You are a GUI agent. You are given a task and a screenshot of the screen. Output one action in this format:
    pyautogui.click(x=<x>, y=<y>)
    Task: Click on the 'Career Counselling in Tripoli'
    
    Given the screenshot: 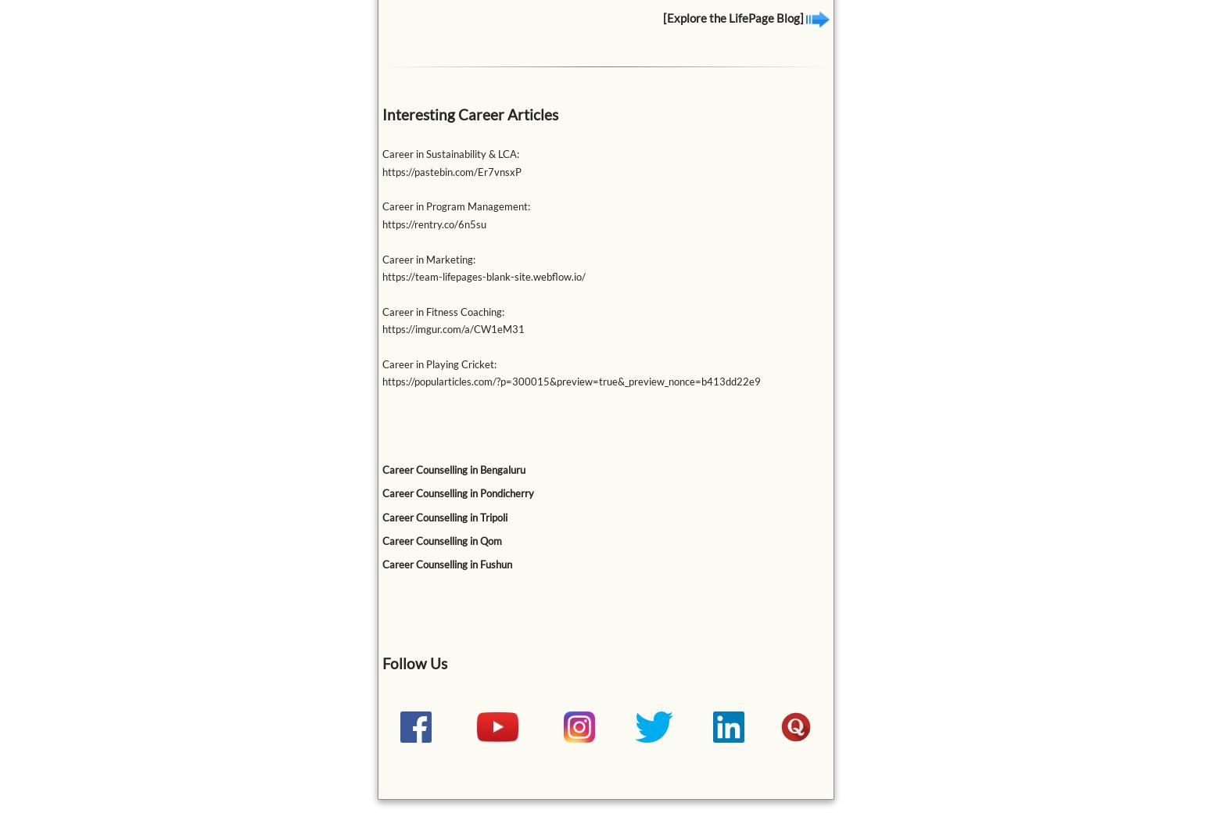 What is the action you would take?
    pyautogui.click(x=444, y=515)
    